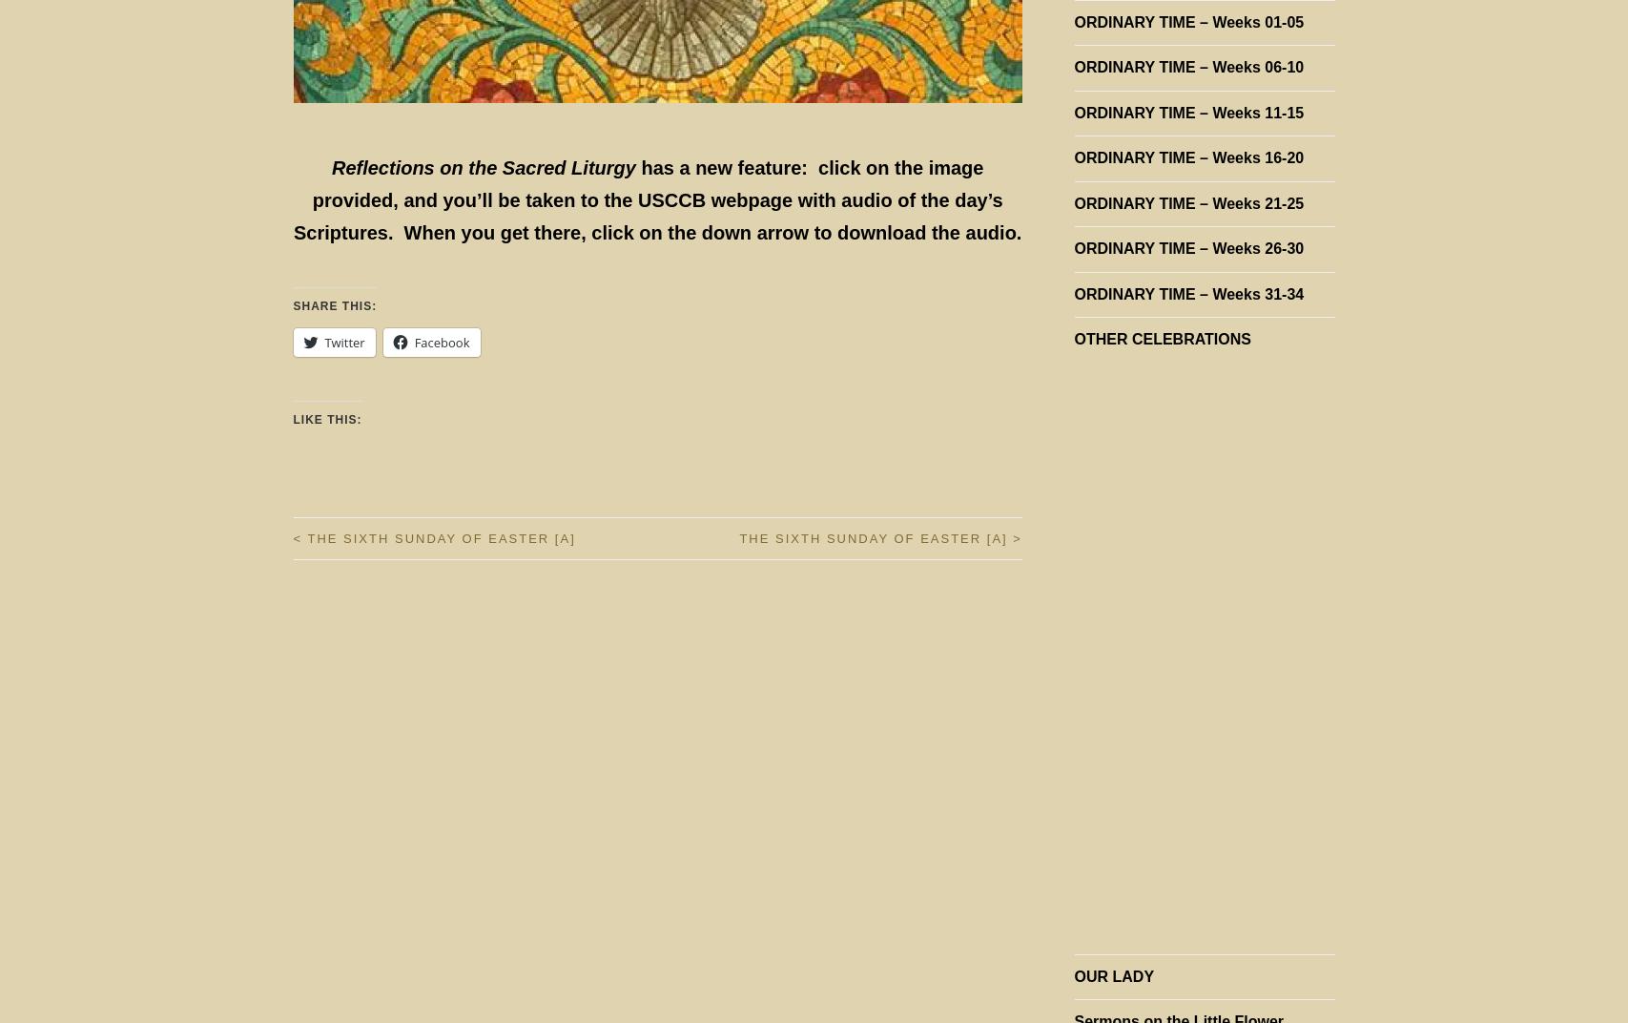  Describe the element at coordinates (1072, 975) in the screenshot. I see `'OUR LADY'` at that location.